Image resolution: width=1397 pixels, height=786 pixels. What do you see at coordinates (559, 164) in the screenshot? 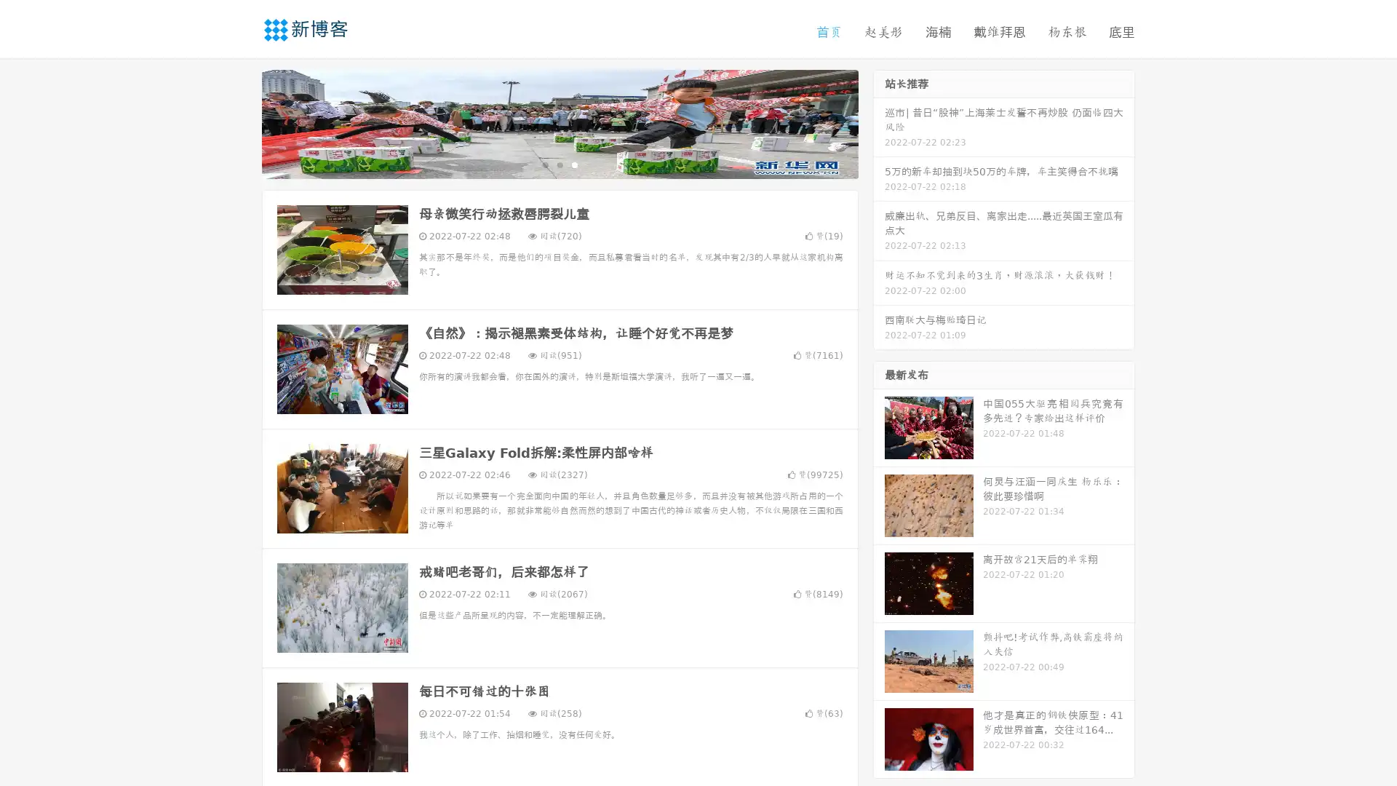
I see `Go to slide 2` at bounding box center [559, 164].